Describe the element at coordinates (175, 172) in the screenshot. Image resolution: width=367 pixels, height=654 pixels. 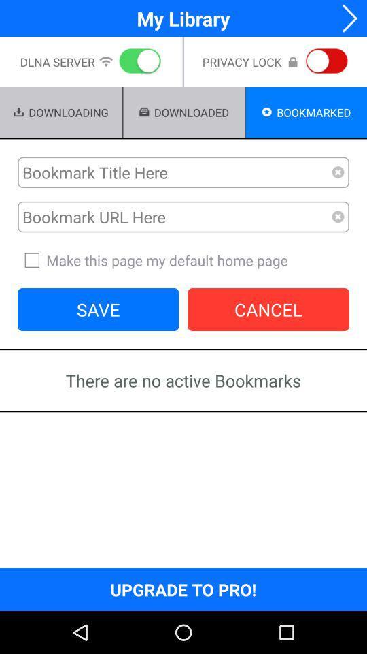
I see `input bookmark title` at that location.